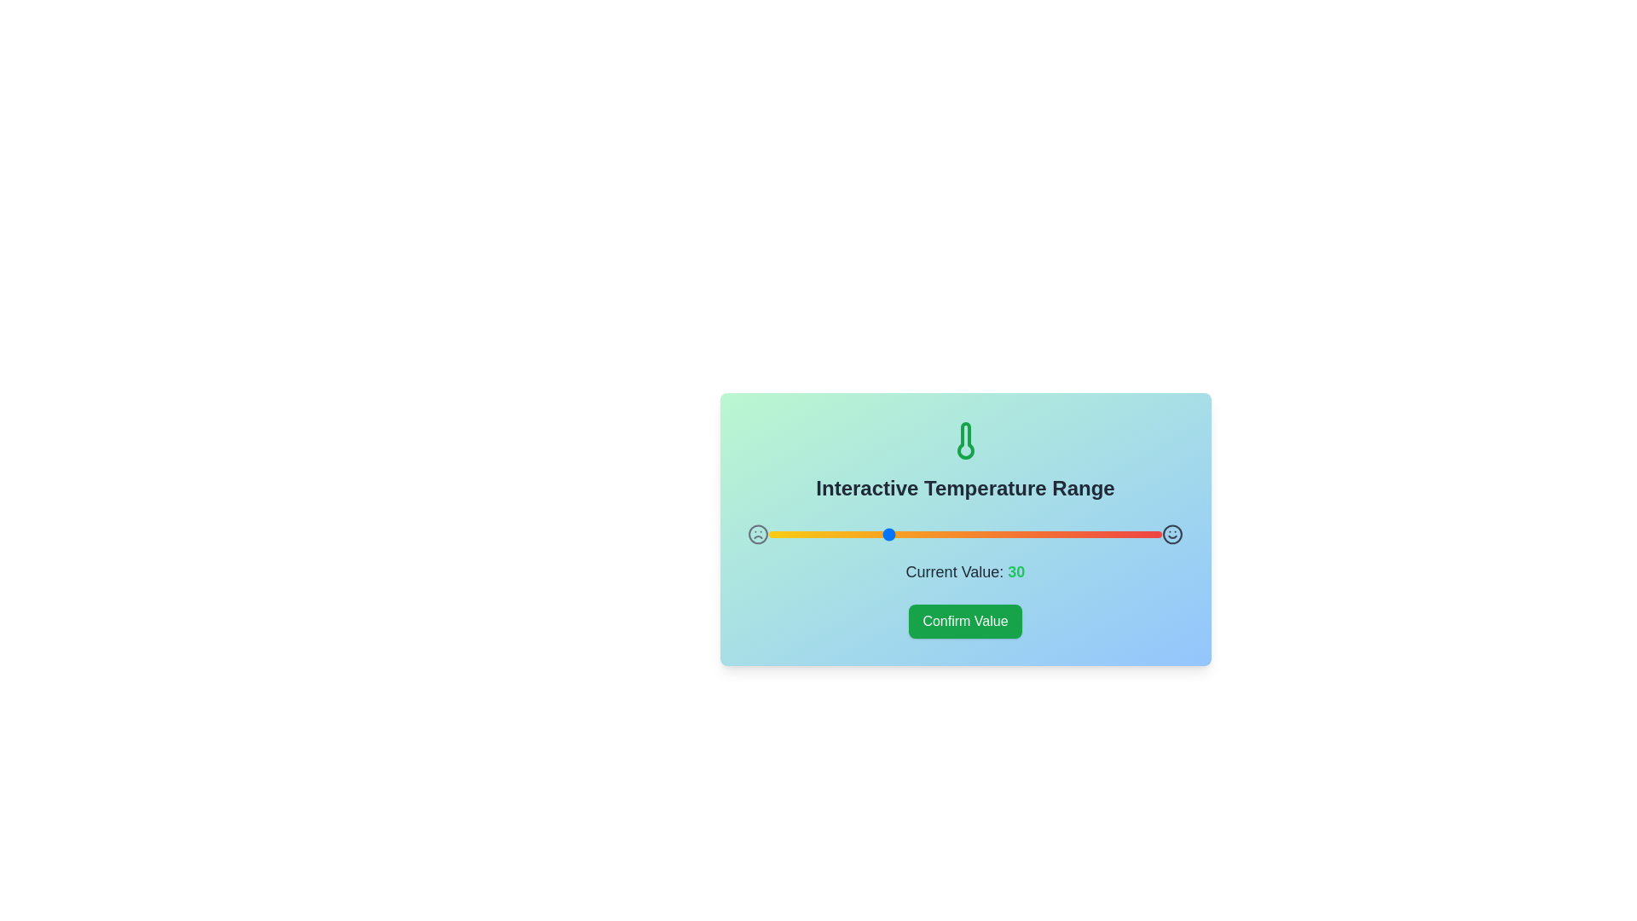 The image size is (1637, 921). Describe the element at coordinates (1012, 534) in the screenshot. I see `the range slider to set the value to 62` at that location.